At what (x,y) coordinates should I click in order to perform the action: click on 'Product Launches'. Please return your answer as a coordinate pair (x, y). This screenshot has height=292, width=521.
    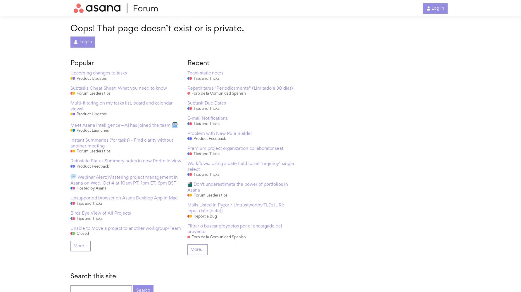
    Looking at the image, I should click on (76, 131).